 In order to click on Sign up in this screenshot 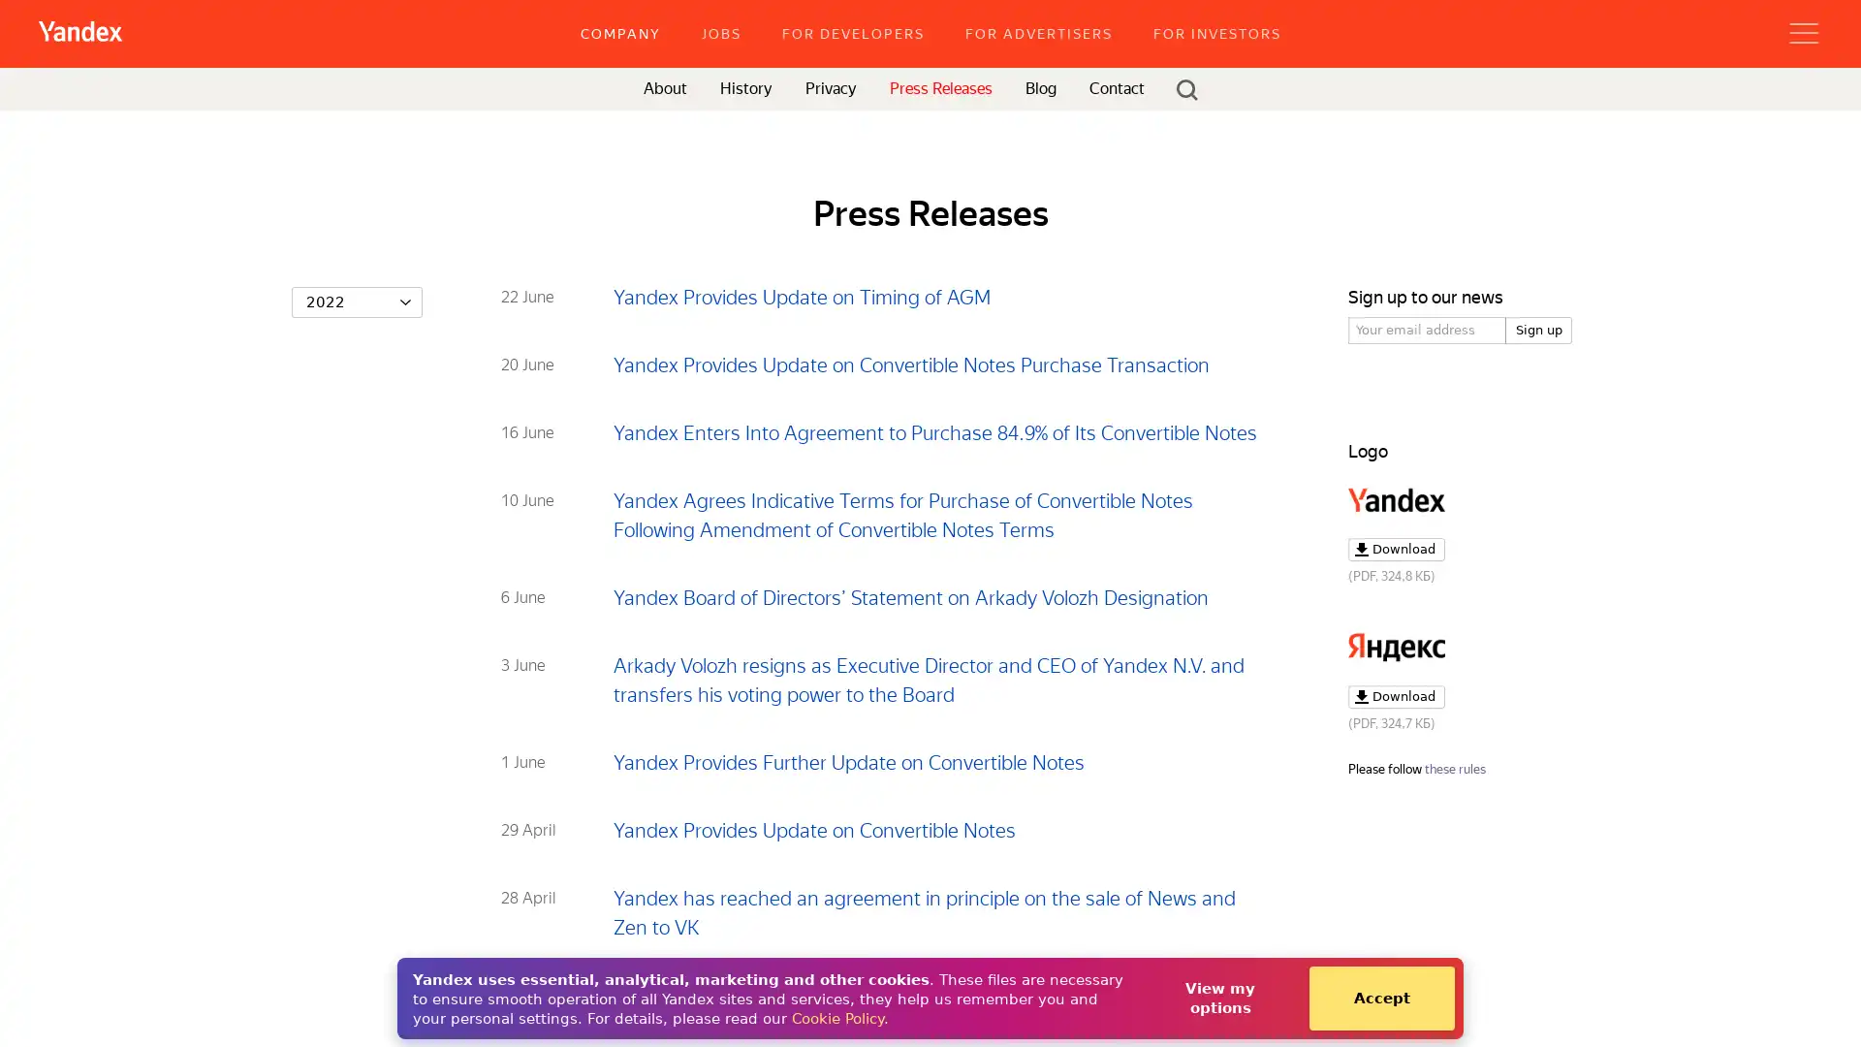, I will do `click(1538, 329)`.